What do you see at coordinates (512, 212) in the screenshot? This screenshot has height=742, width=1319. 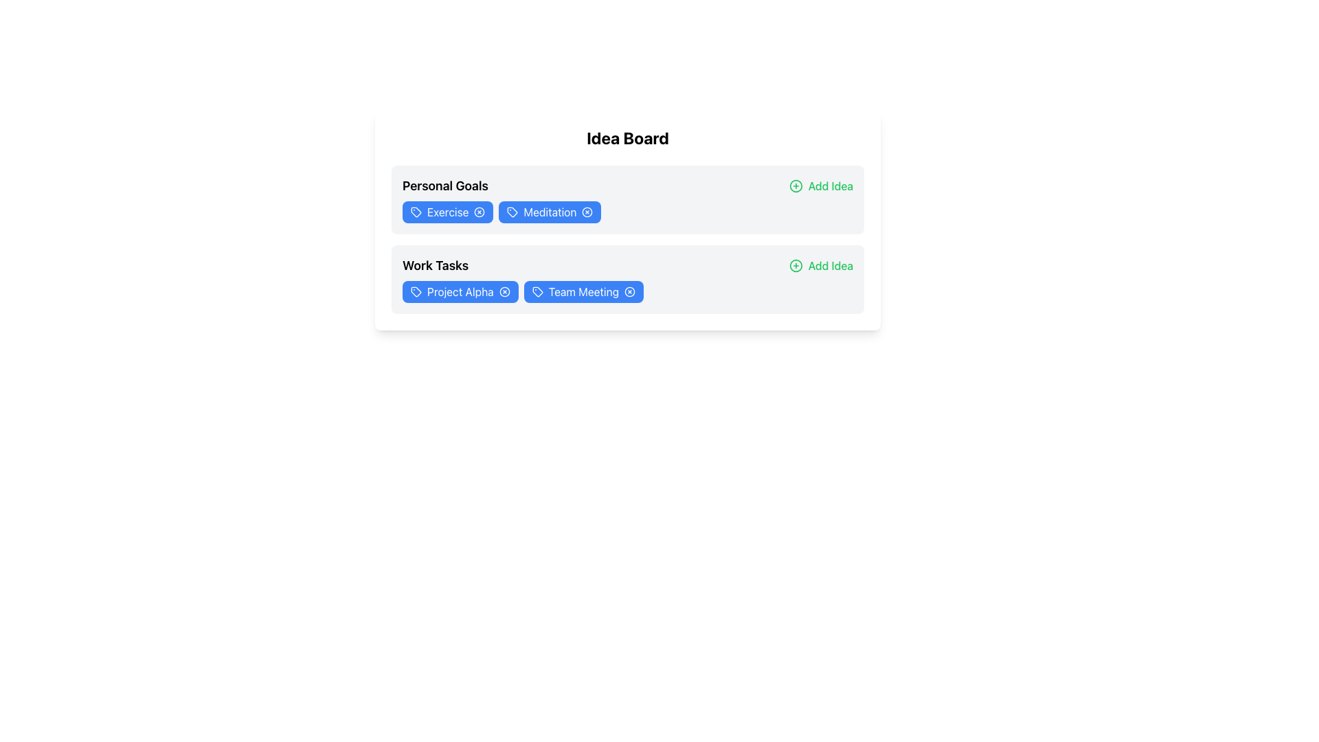 I see `the small tag icon located to the left of the 'Meditation' text within the blue rounded rectangle button for the 'Personal Goals' section` at bounding box center [512, 212].